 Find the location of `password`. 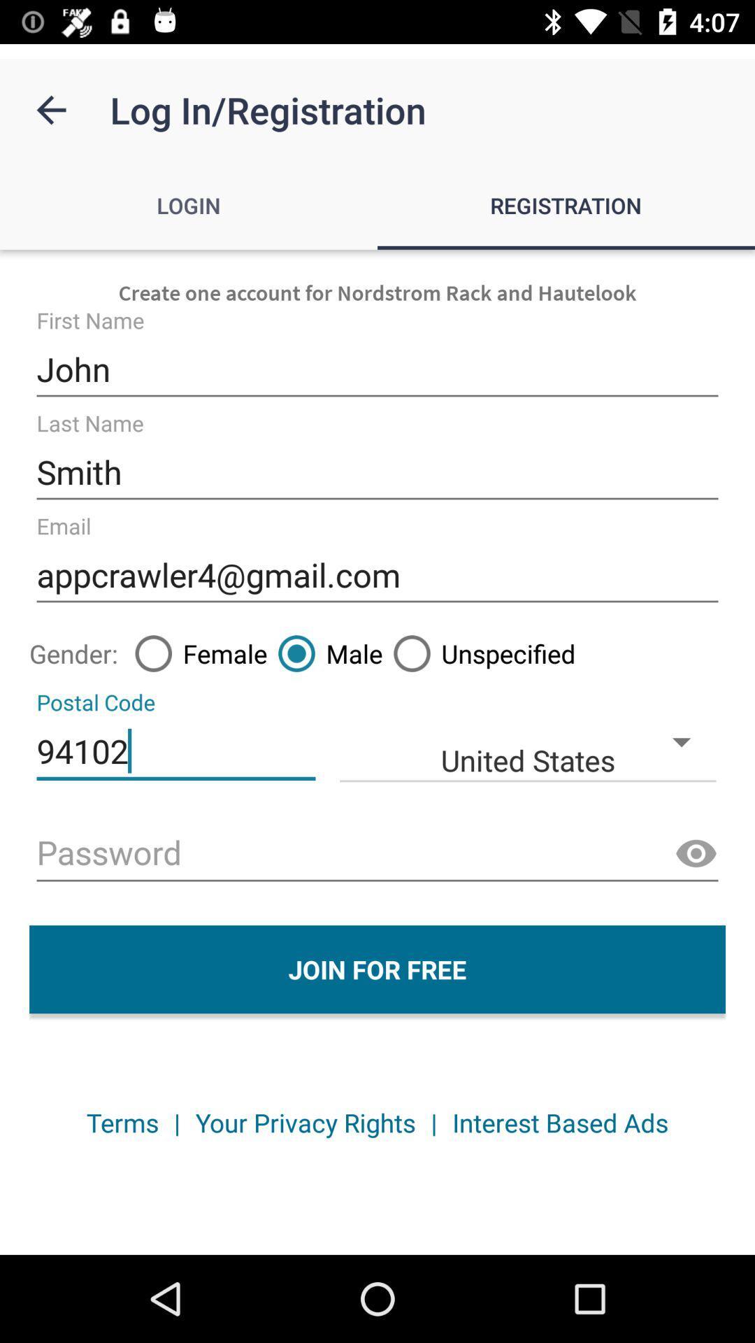

password is located at coordinates (377, 853).